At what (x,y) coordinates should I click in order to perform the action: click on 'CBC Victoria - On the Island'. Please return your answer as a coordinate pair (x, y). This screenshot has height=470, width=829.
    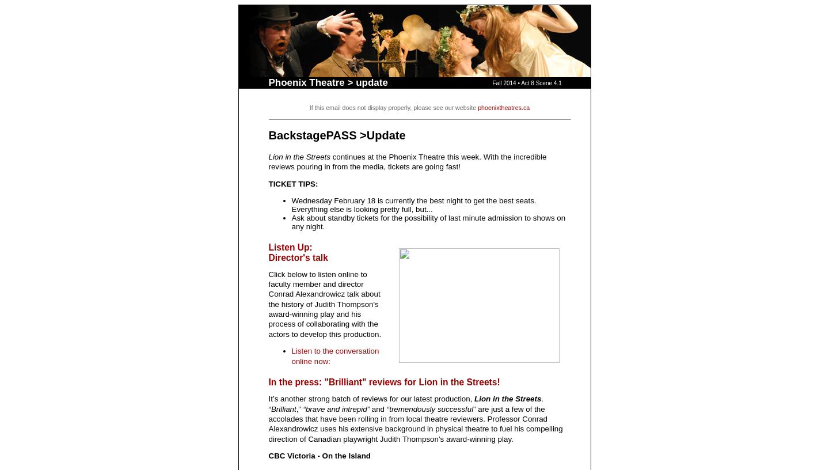
    Looking at the image, I should click on (268, 456).